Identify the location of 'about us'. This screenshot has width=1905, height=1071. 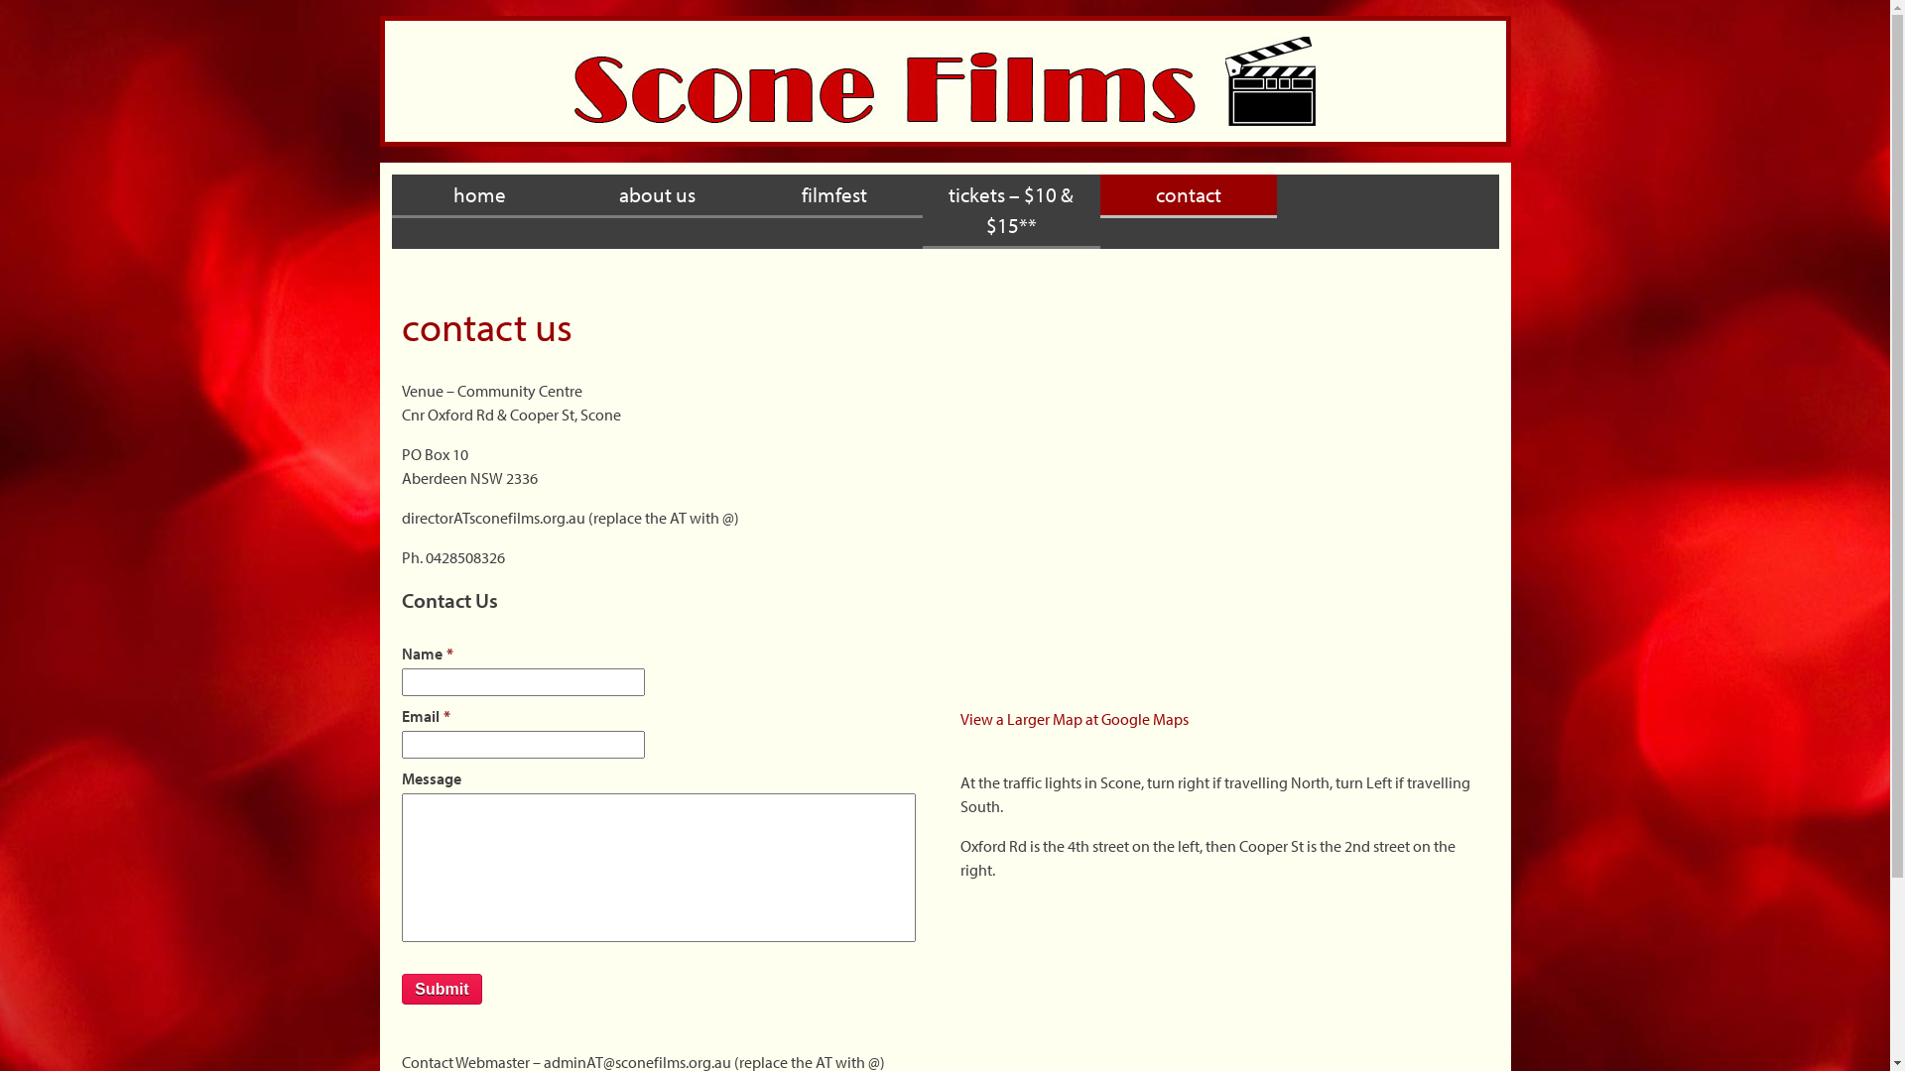
(657, 195).